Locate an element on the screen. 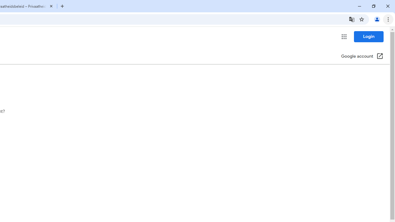  'Bookmark this tab' is located at coordinates (361, 19).